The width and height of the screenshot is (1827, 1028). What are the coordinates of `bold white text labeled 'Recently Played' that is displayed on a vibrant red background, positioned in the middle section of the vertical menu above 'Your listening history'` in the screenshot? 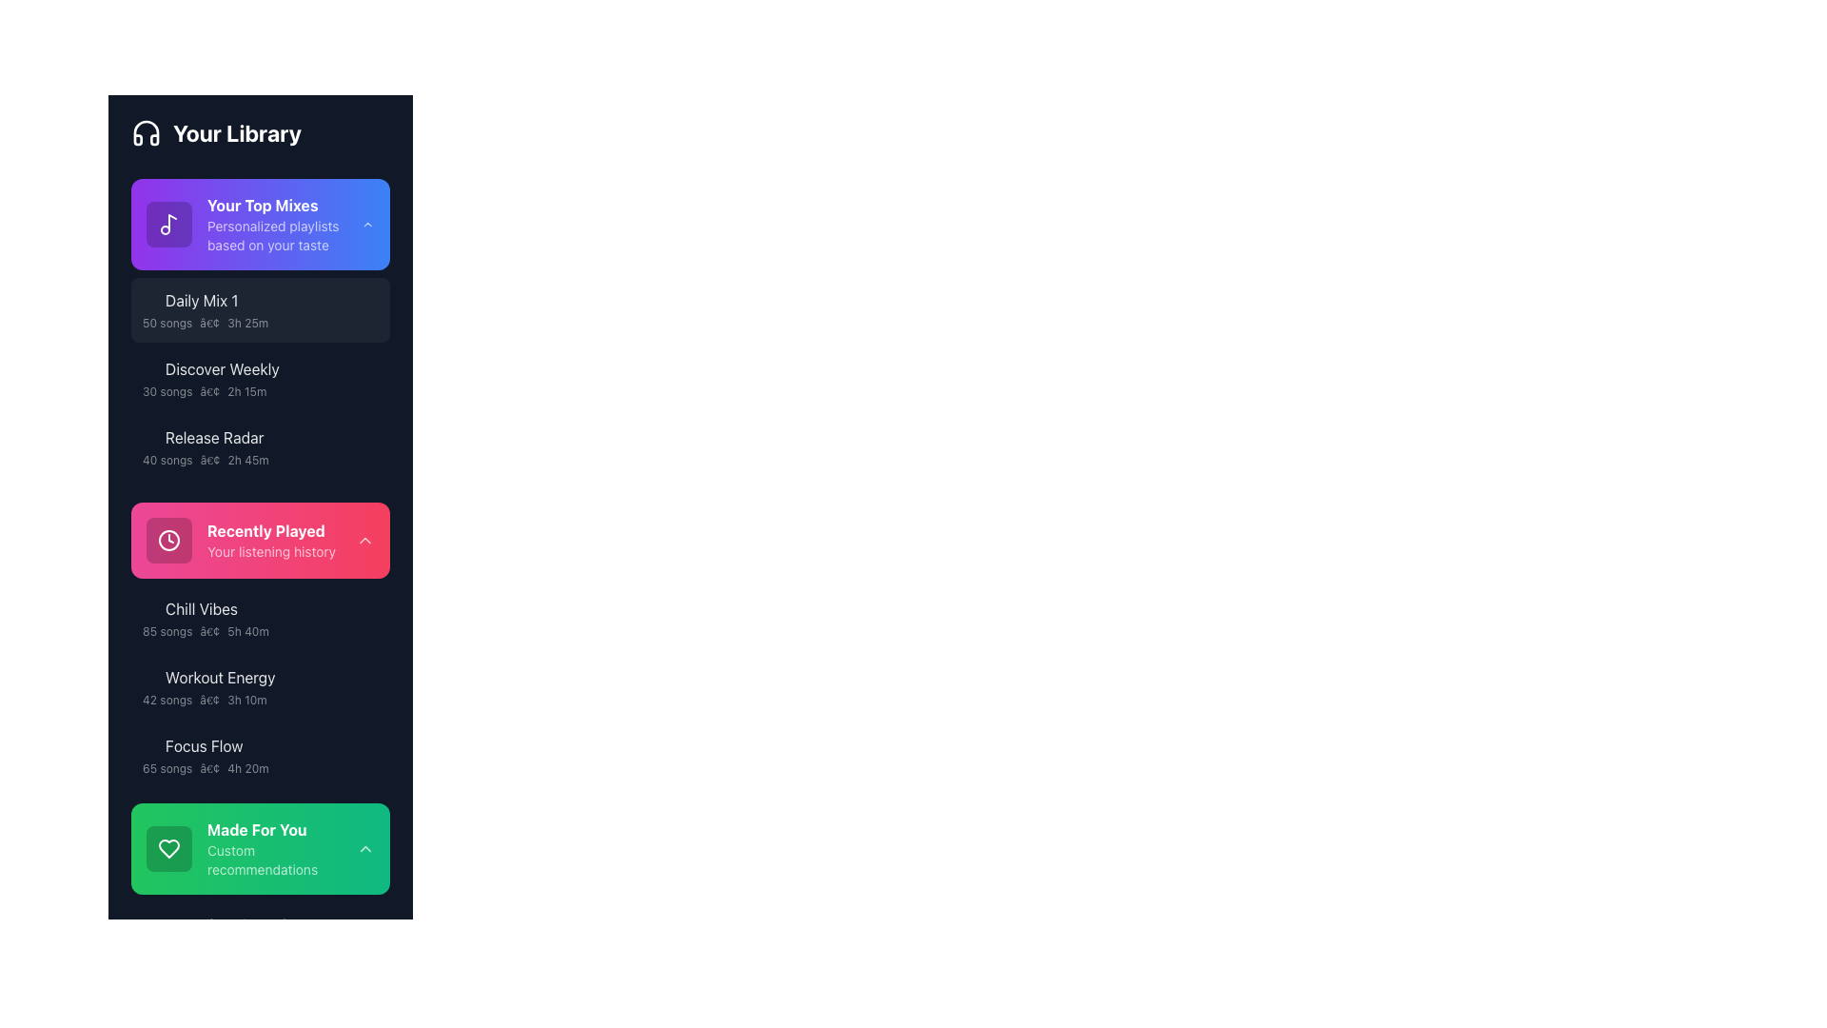 It's located at (270, 531).